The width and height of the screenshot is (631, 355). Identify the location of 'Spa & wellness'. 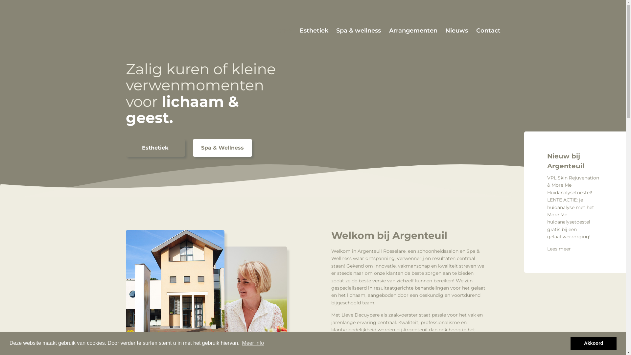
(358, 31).